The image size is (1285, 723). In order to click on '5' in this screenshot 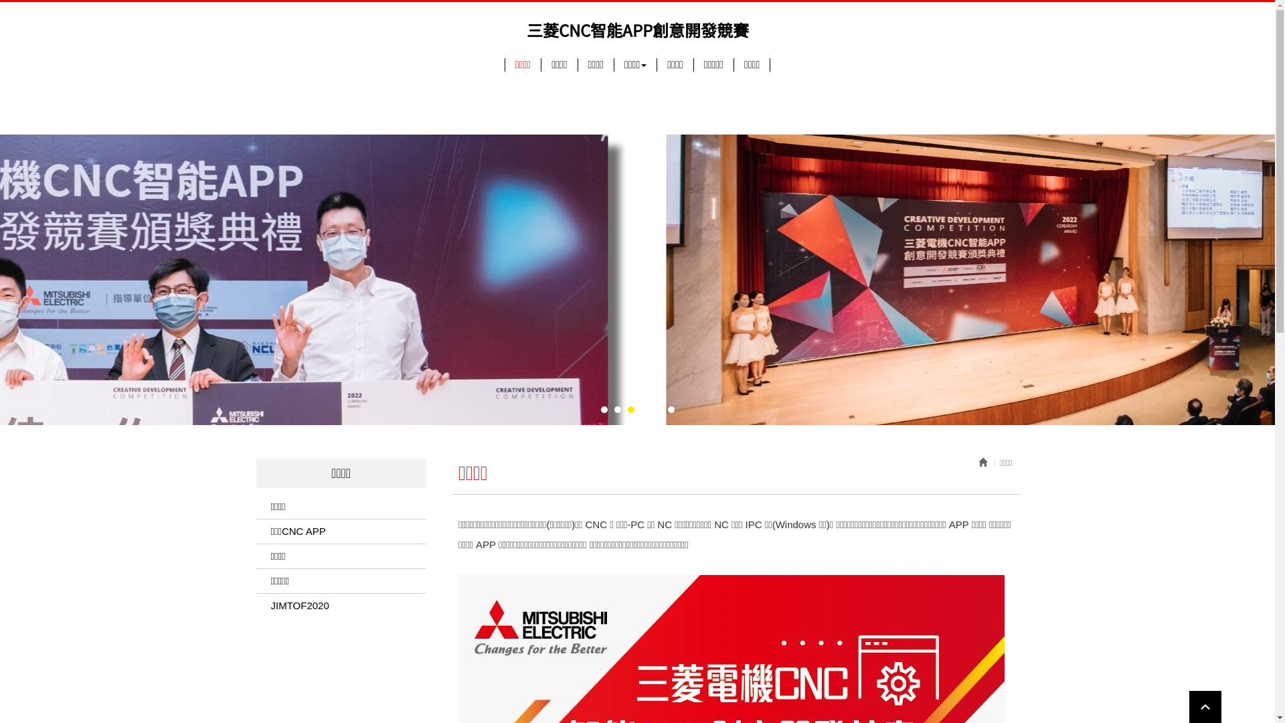, I will do `click(658, 408)`.